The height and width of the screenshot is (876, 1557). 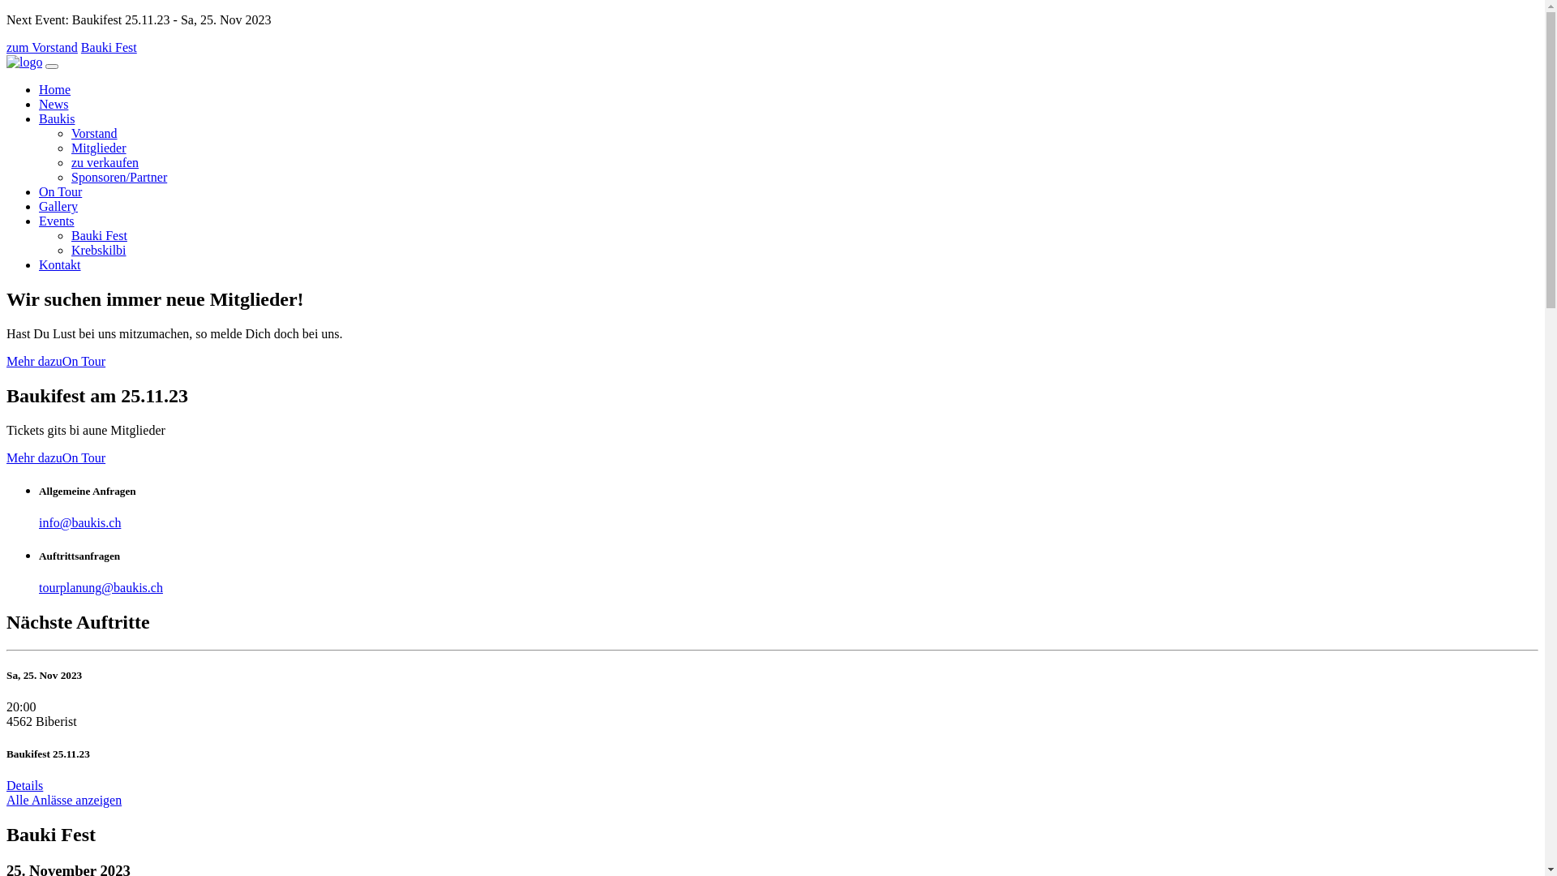 I want to click on 'Kontakt', so click(x=59, y=264).